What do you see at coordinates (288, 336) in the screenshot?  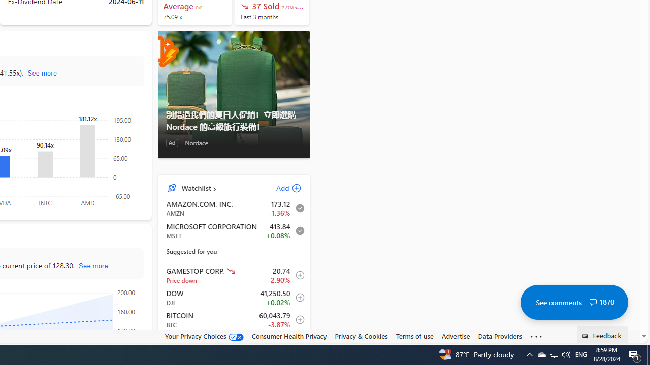 I see `'Consumer Health Privacy'` at bounding box center [288, 336].